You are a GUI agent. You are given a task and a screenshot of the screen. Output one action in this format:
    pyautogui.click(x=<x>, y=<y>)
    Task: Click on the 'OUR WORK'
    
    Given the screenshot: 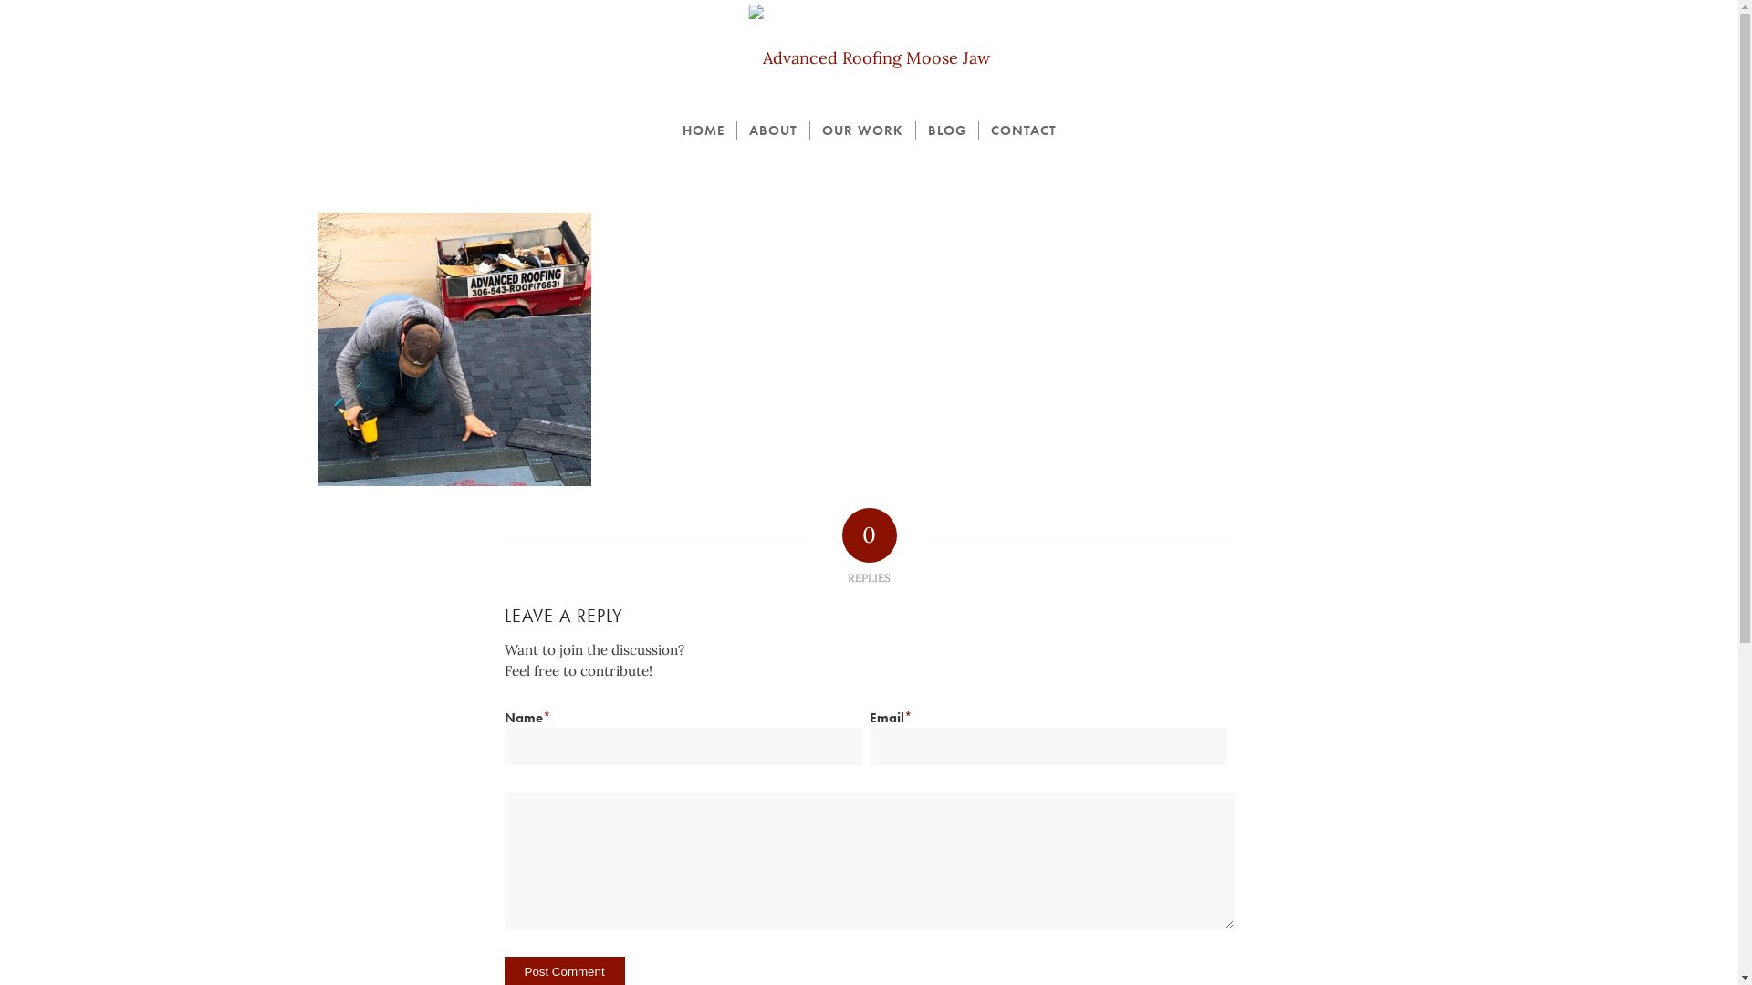 What is the action you would take?
    pyautogui.click(x=808, y=129)
    